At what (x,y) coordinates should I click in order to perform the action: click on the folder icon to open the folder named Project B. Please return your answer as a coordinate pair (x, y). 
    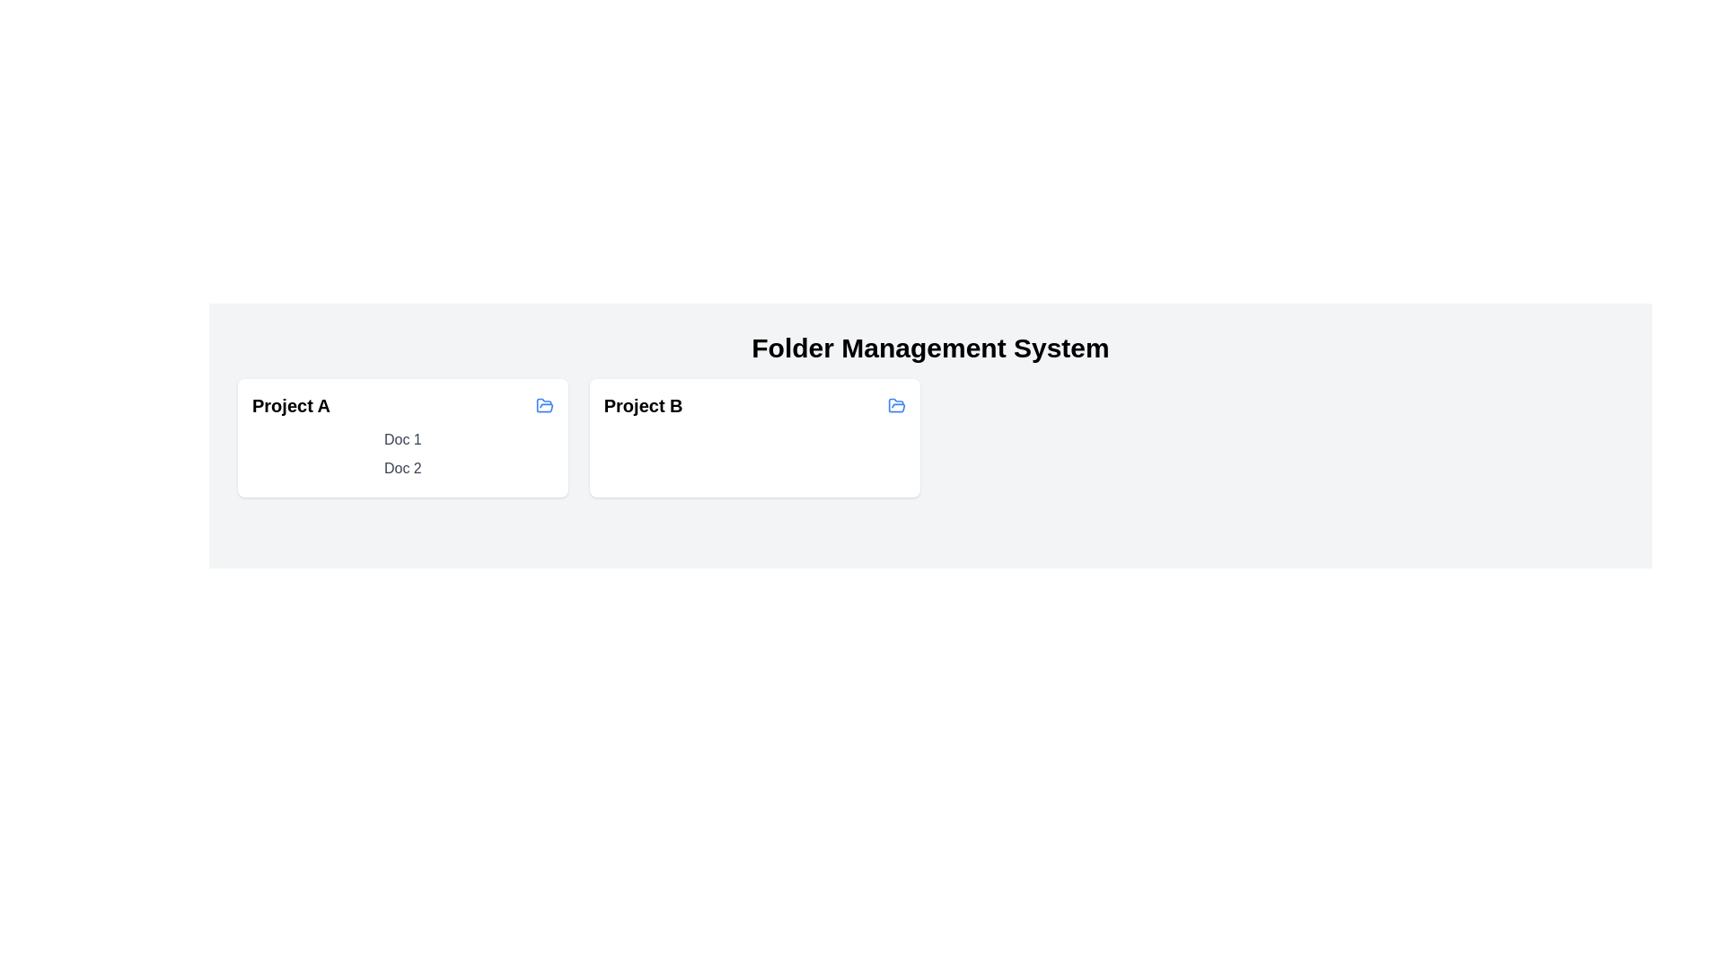
    Looking at the image, I should click on (896, 405).